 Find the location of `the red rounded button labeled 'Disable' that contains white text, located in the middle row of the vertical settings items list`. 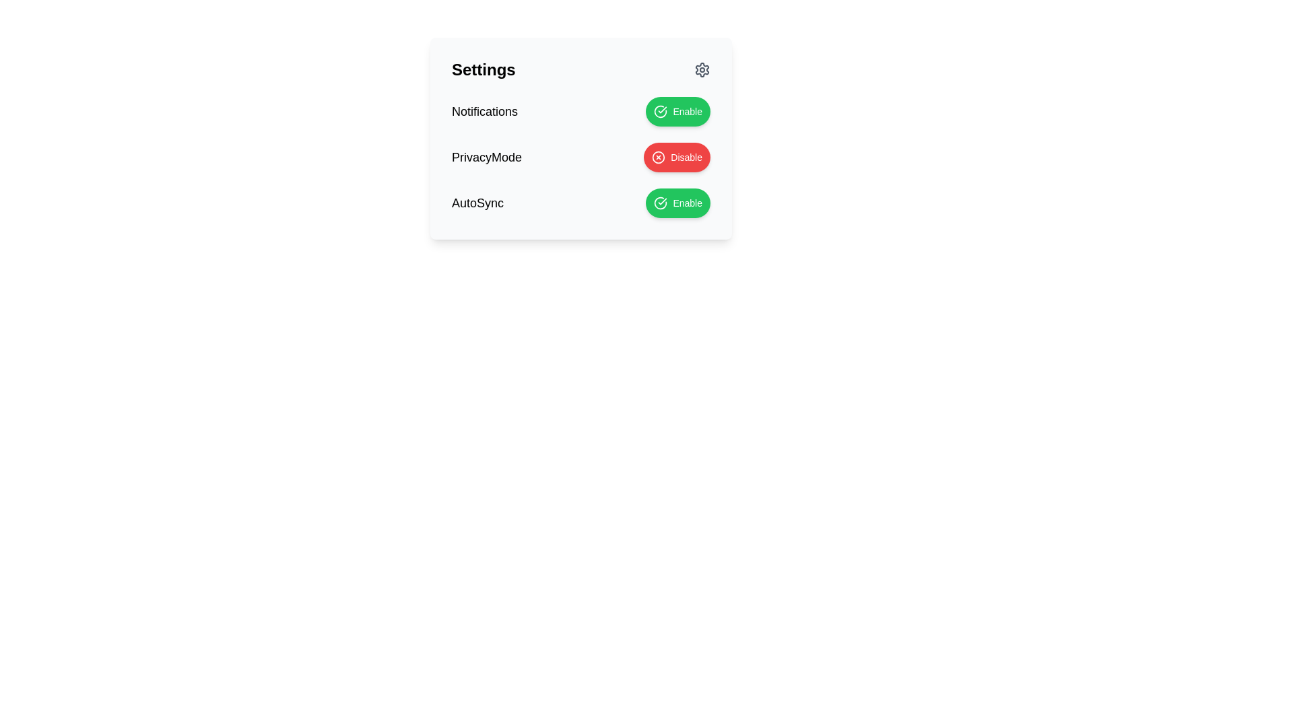

the red rounded button labeled 'Disable' that contains white text, located in the middle row of the vertical settings items list is located at coordinates (686, 157).